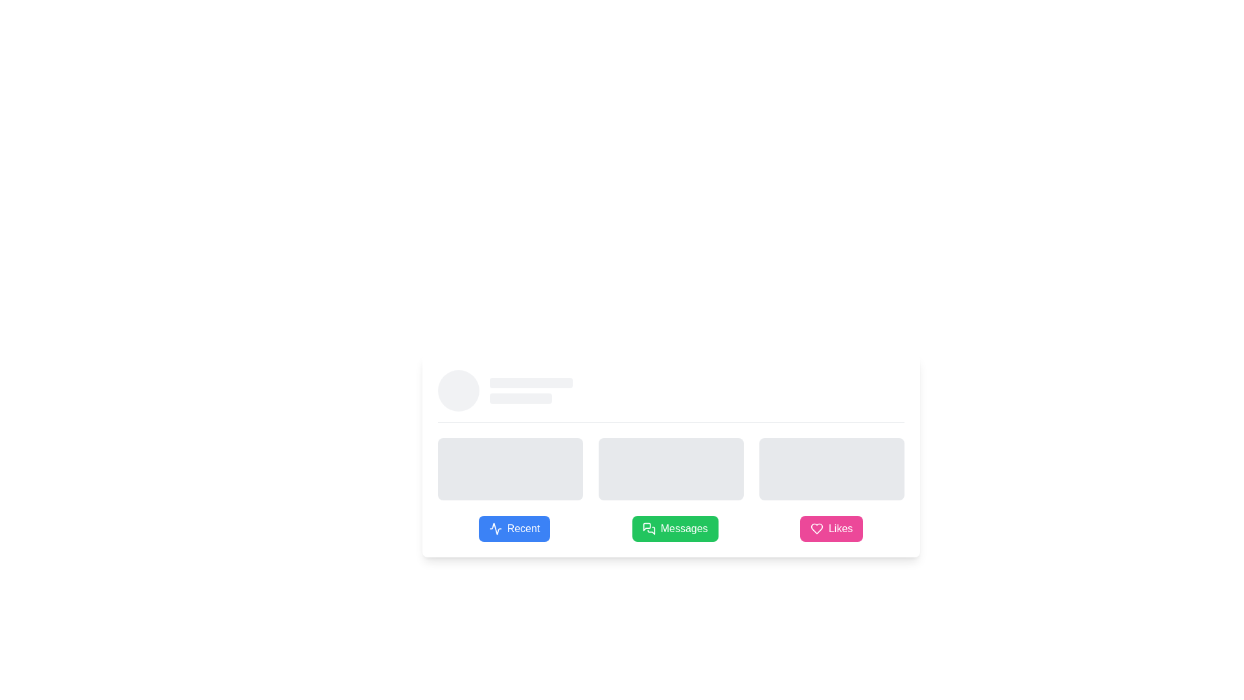 The width and height of the screenshot is (1244, 700). I want to click on the 'Likes' button located on the lower right side of the interface, so click(831, 529).